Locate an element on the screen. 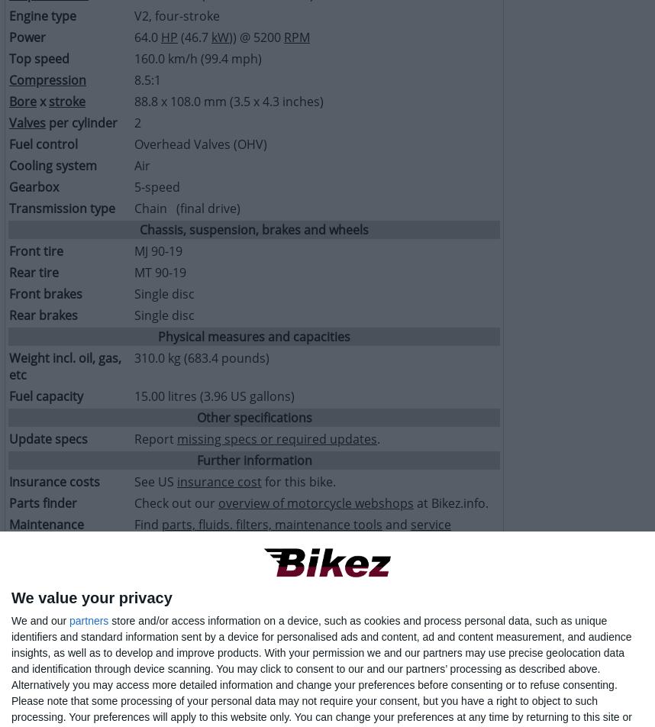  'Chassis, suspension, brakes and wheels' is located at coordinates (253, 230).